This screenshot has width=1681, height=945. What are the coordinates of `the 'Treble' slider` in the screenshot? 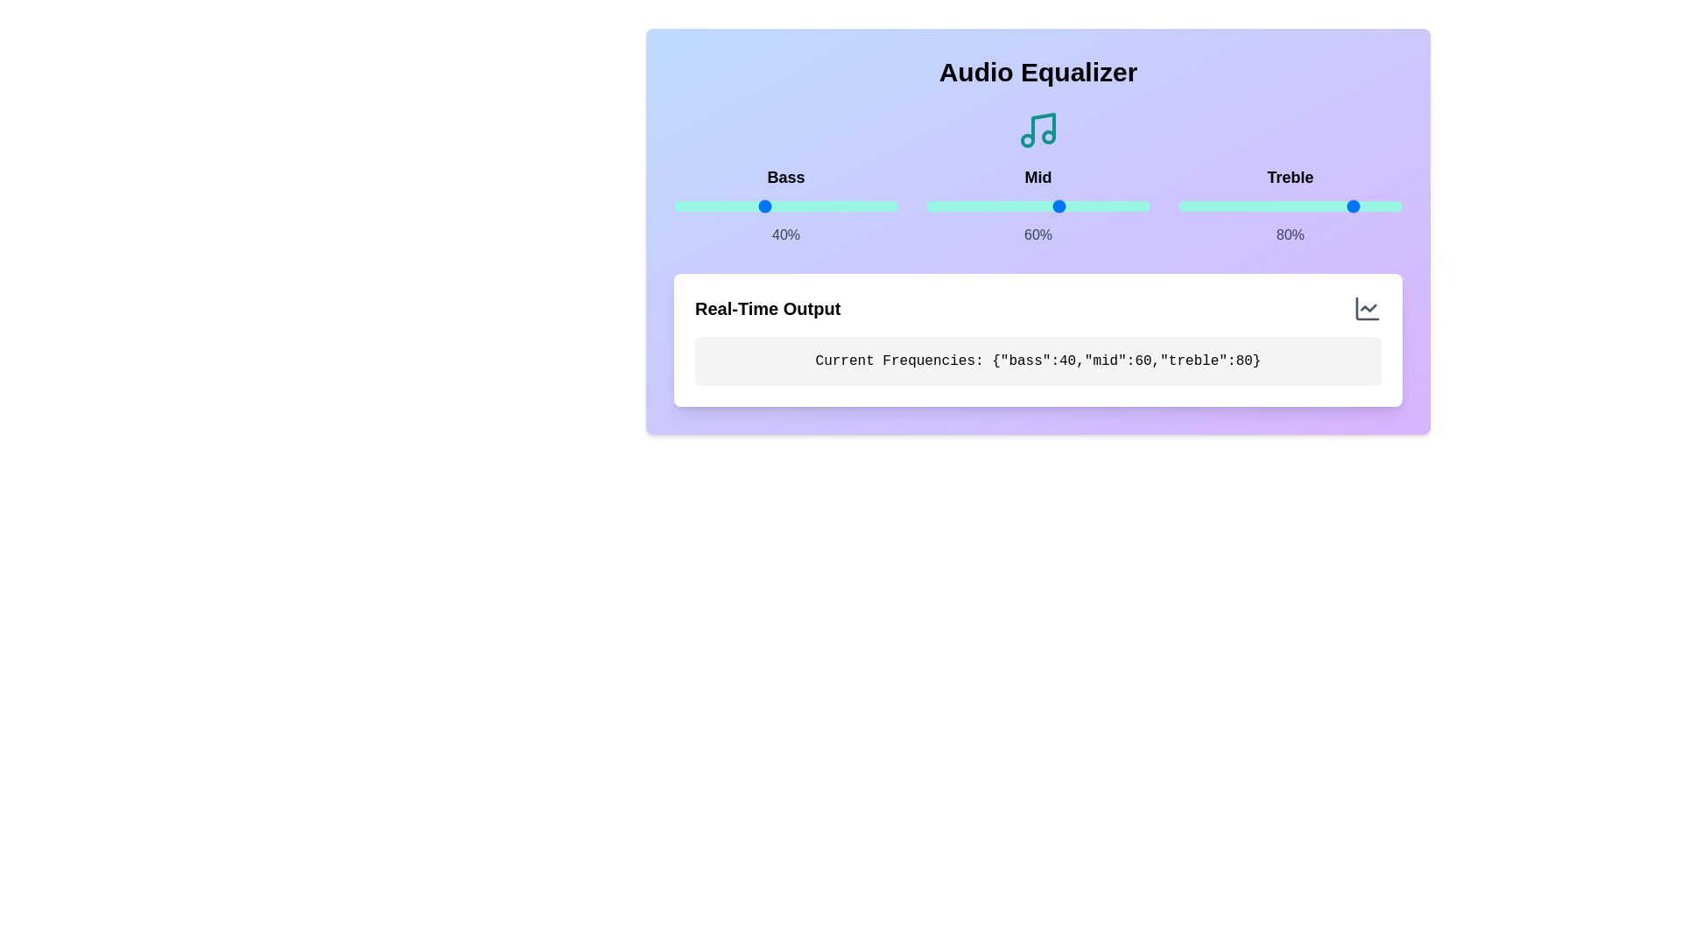 It's located at (1247, 205).